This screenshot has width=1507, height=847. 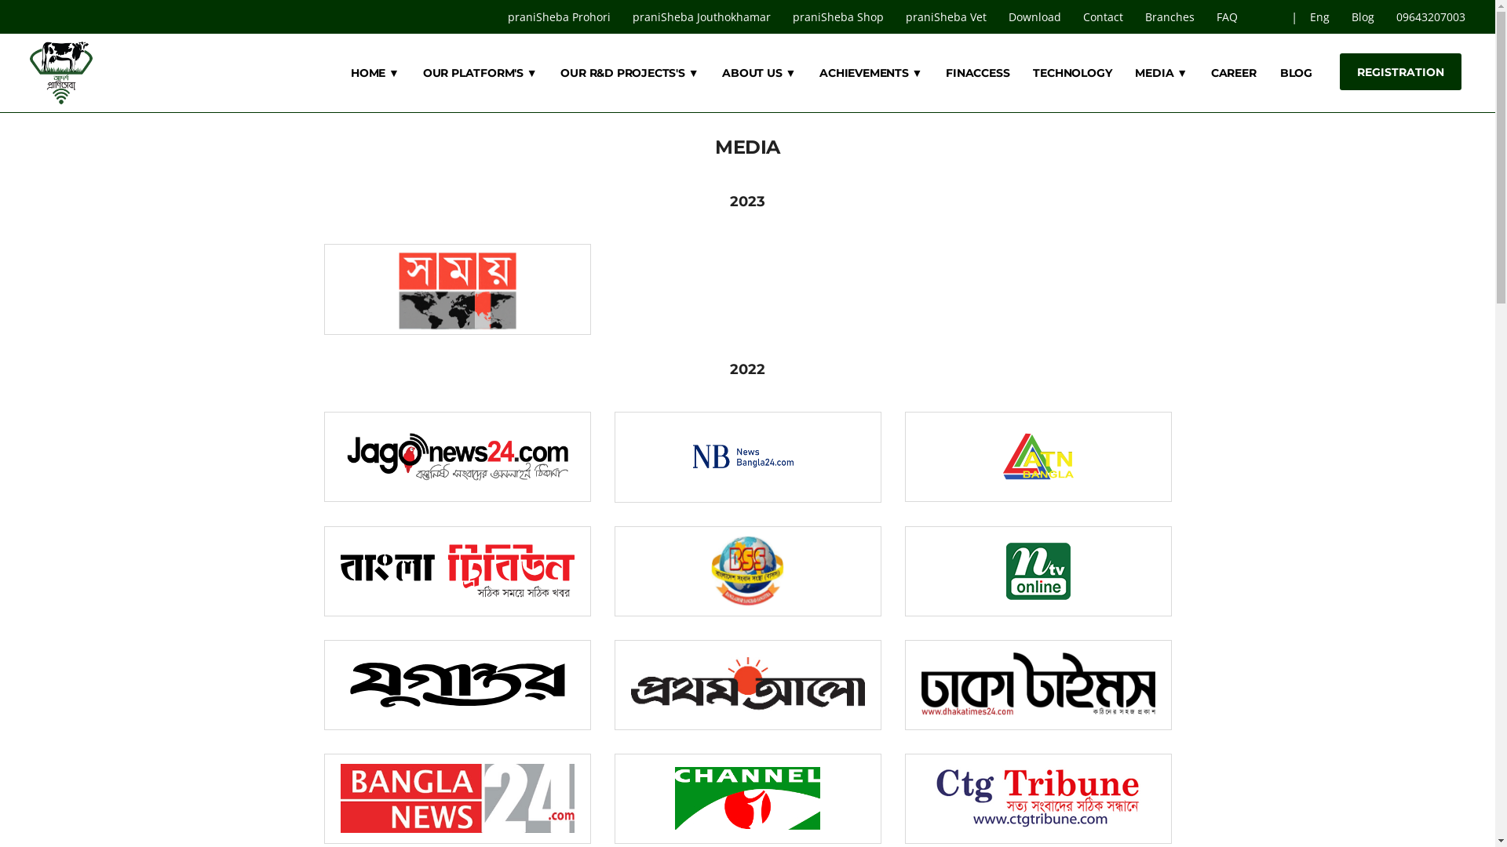 I want to click on 'FINACCESS', so click(x=944, y=72).